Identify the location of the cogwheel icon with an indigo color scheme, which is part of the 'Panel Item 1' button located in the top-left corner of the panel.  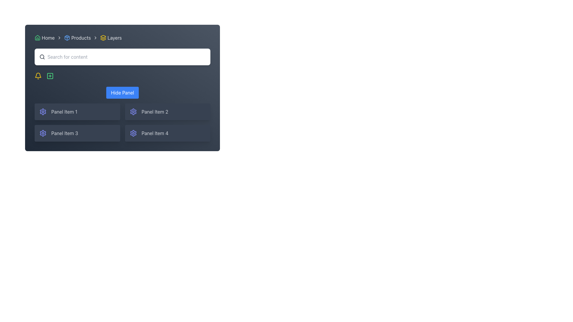
(43, 112).